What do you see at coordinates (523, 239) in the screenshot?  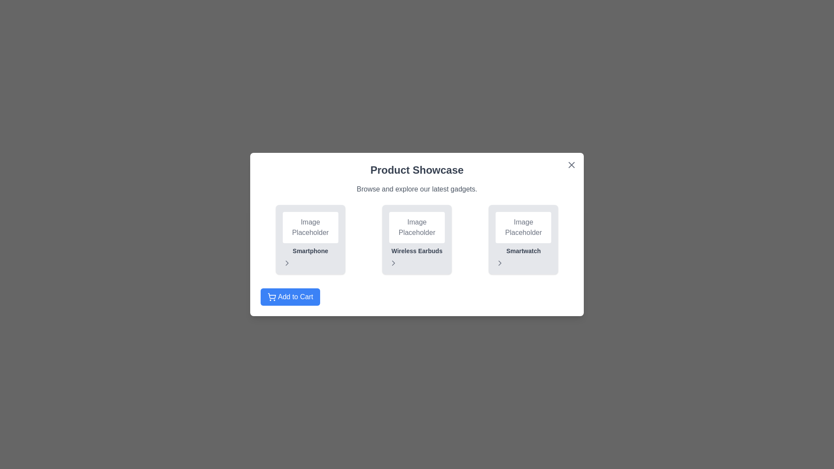 I see `text labels on the 'Smartwatch' product card, which is the third card in a row of three in the grid layout` at bounding box center [523, 239].